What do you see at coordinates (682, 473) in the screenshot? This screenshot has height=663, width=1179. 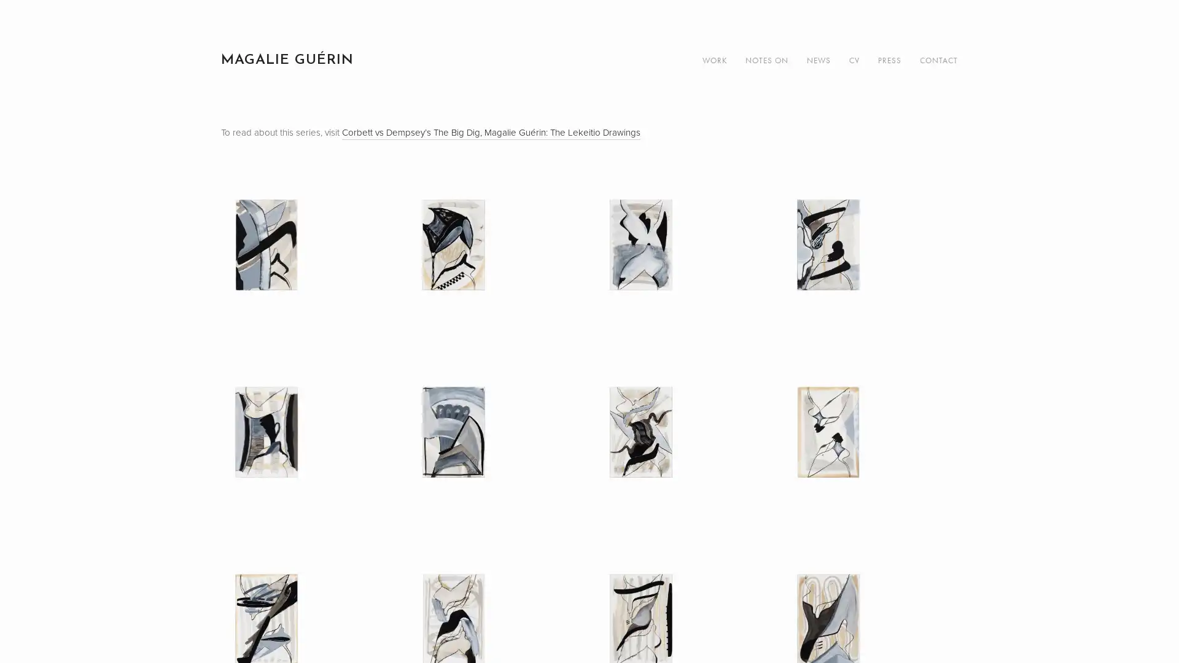 I see `View fullsize Untitled (LK 07), 2019` at bounding box center [682, 473].